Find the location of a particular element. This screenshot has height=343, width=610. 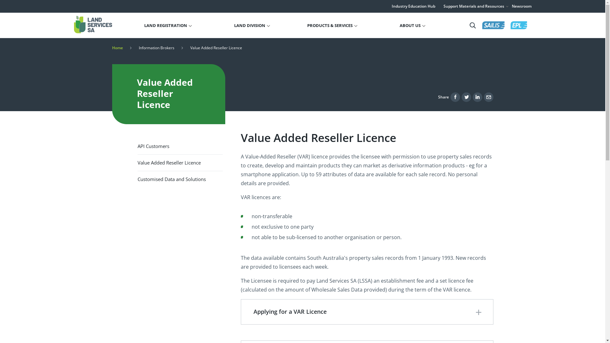

'SAILIS' is located at coordinates (493, 25).